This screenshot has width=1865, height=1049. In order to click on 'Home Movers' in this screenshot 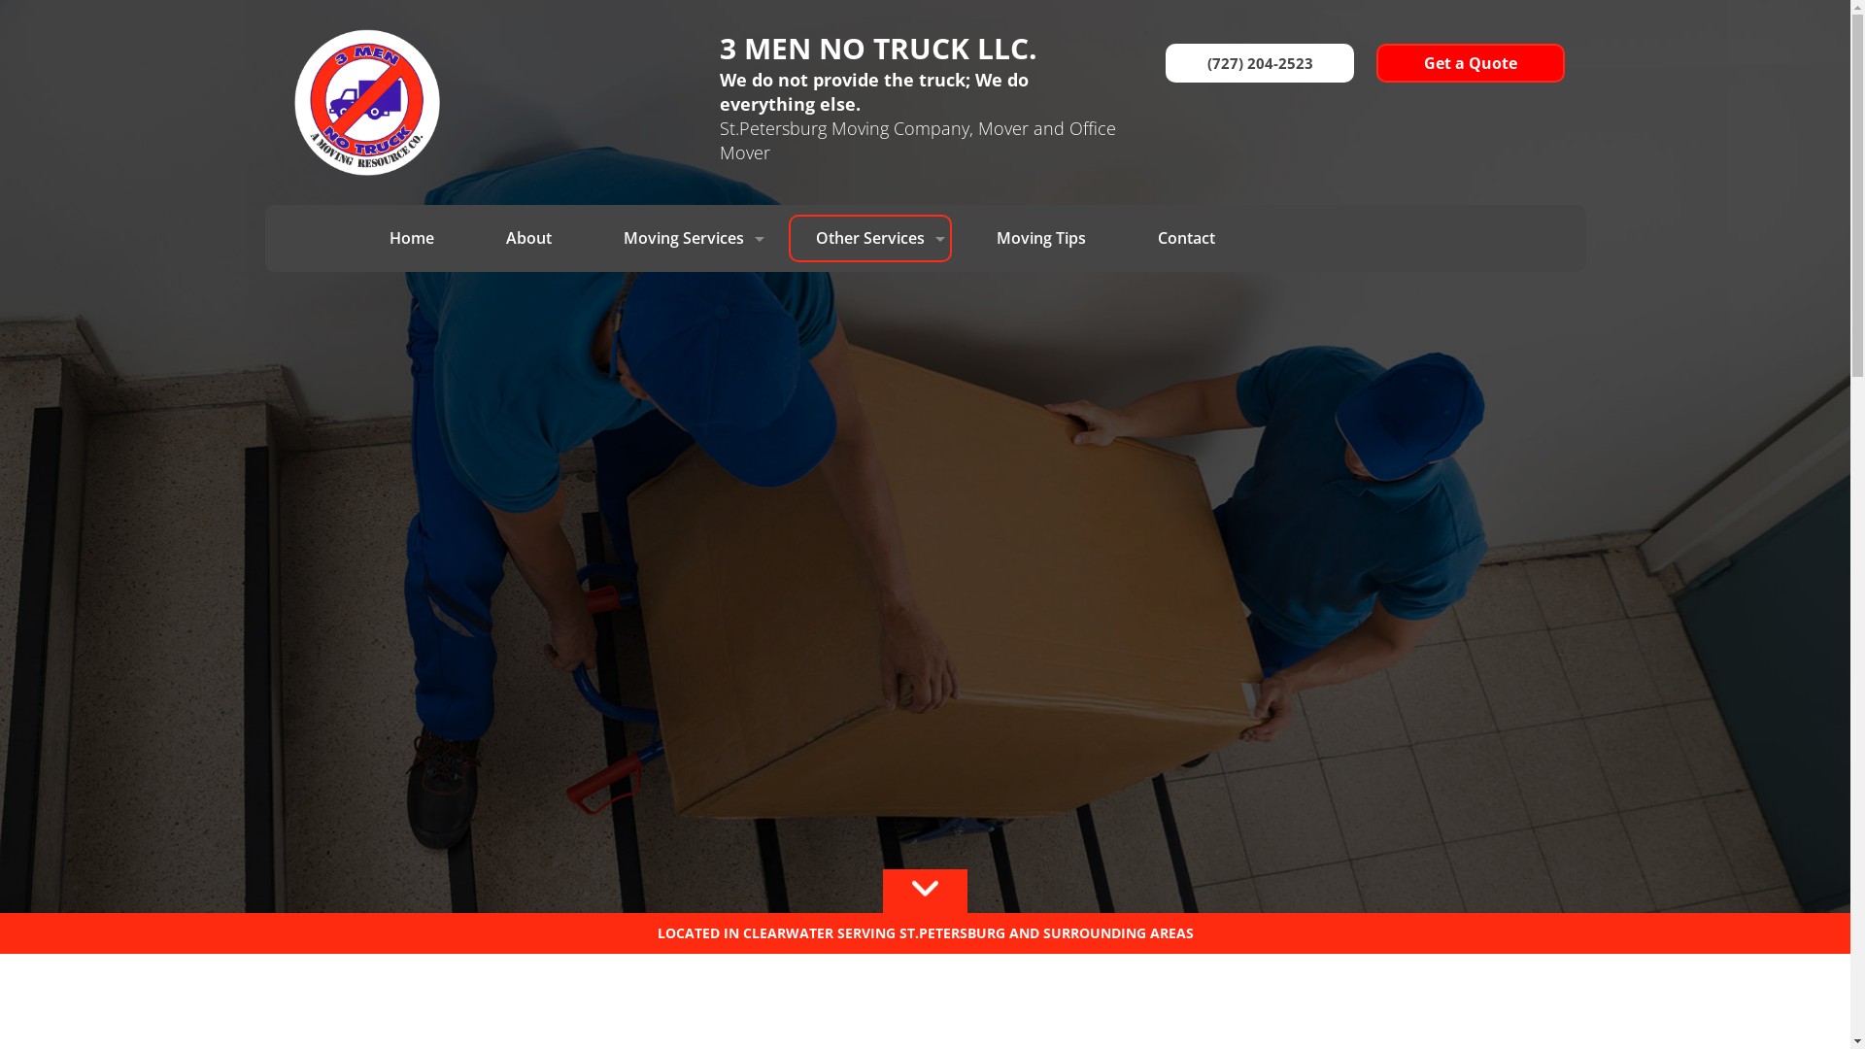, I will do `click(684, 396)`.